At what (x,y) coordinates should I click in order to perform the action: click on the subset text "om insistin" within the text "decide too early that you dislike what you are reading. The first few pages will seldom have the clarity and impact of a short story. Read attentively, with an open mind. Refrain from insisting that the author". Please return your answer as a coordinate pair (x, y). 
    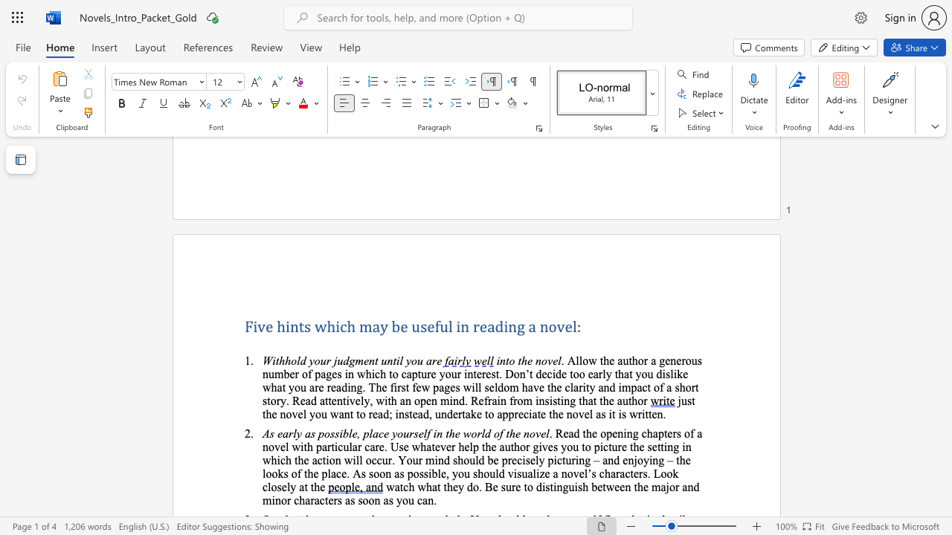
    Looking at the image, I should click on (517, 400).